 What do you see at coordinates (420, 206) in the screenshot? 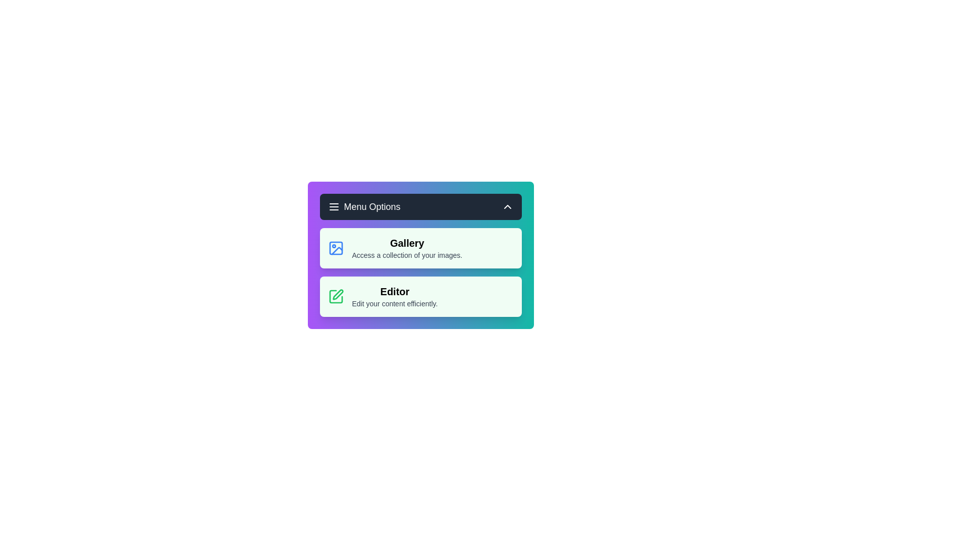
I see `the menu toggle button to collapse the menu` at bounding box center [420, 206].